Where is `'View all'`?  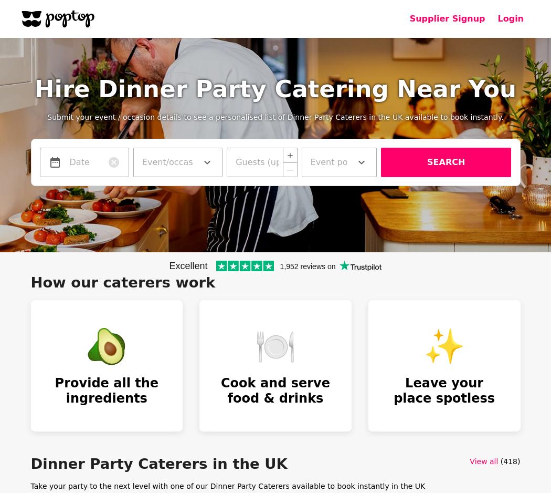 'View all' is located at coordinates (484, 461).